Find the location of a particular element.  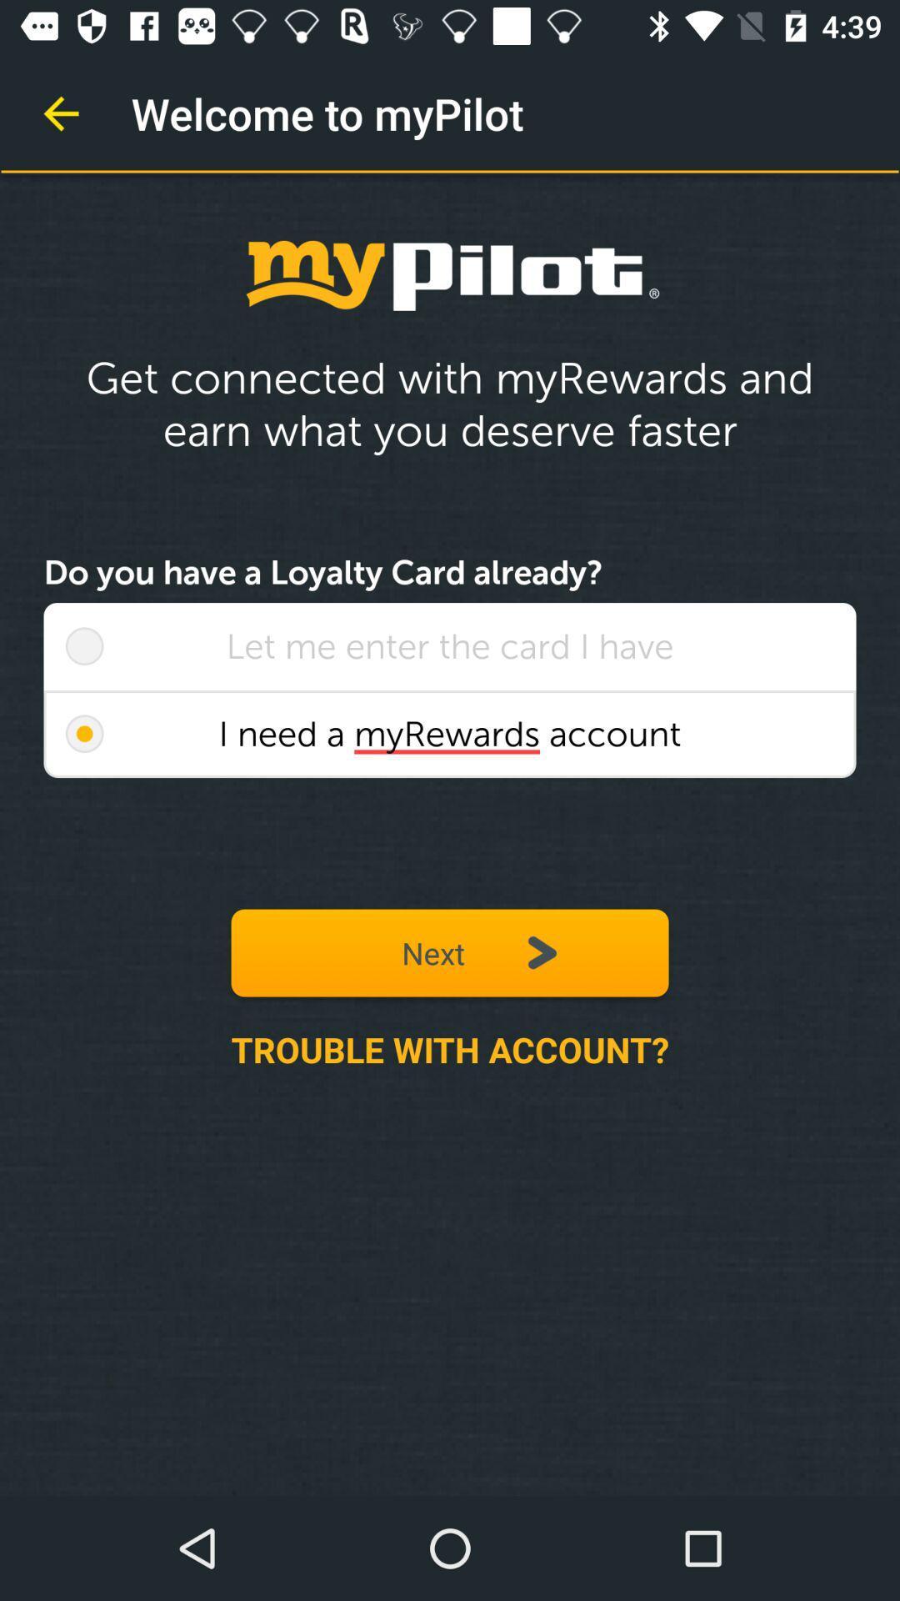

i need a icon is located at coordinates (450, 734).